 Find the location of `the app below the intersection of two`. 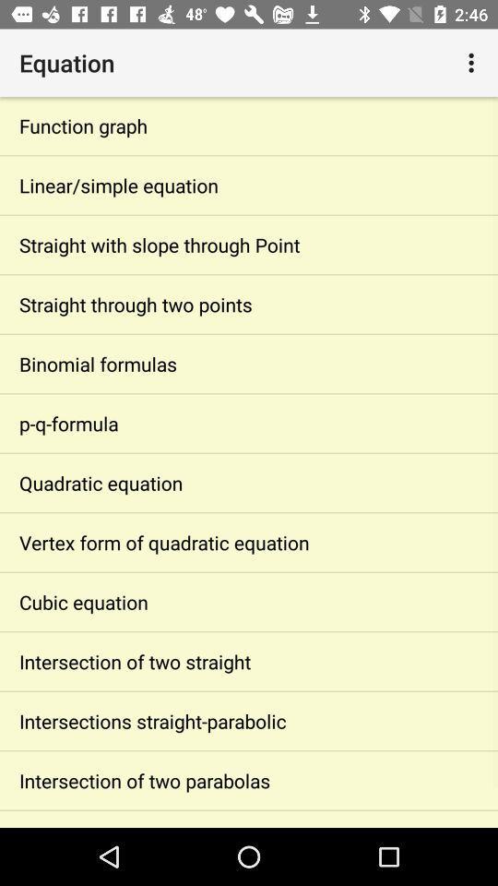

the app below the intersection of two is located at coordinates (249, 721).